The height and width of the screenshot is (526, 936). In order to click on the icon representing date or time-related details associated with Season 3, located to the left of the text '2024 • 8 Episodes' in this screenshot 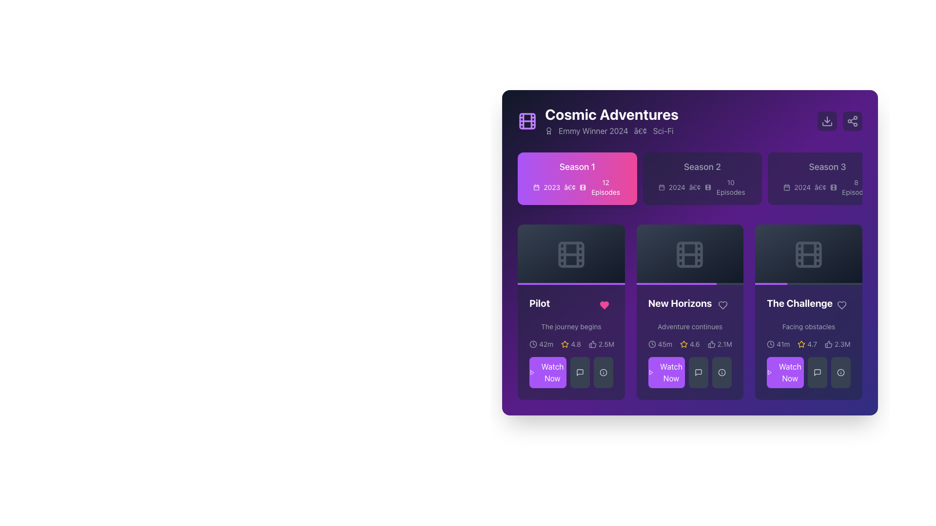, I will do `click(787, 188)`.